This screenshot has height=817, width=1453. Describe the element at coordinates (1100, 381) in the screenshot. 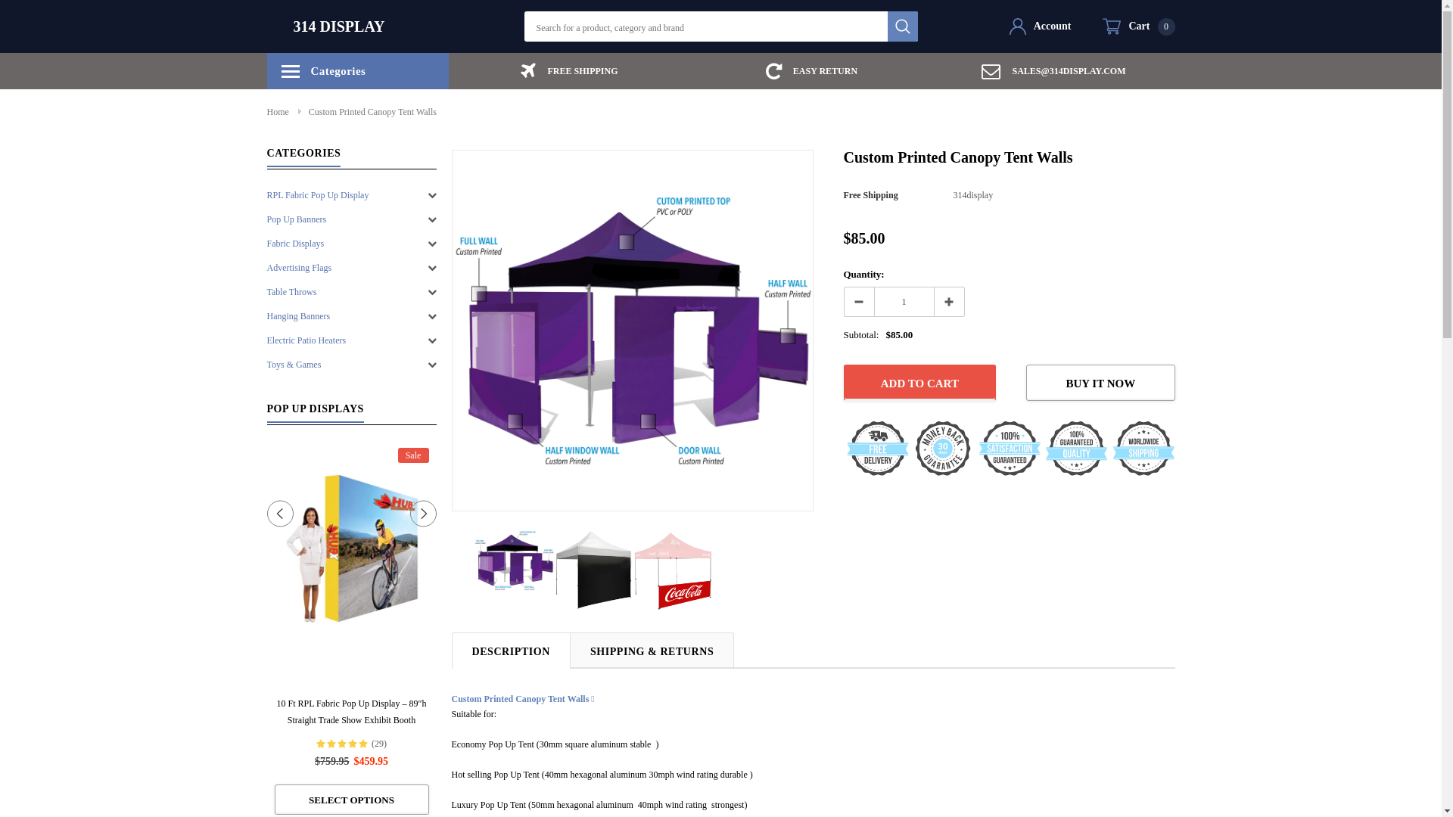

I see `'BUY IT NOW'` at that location.